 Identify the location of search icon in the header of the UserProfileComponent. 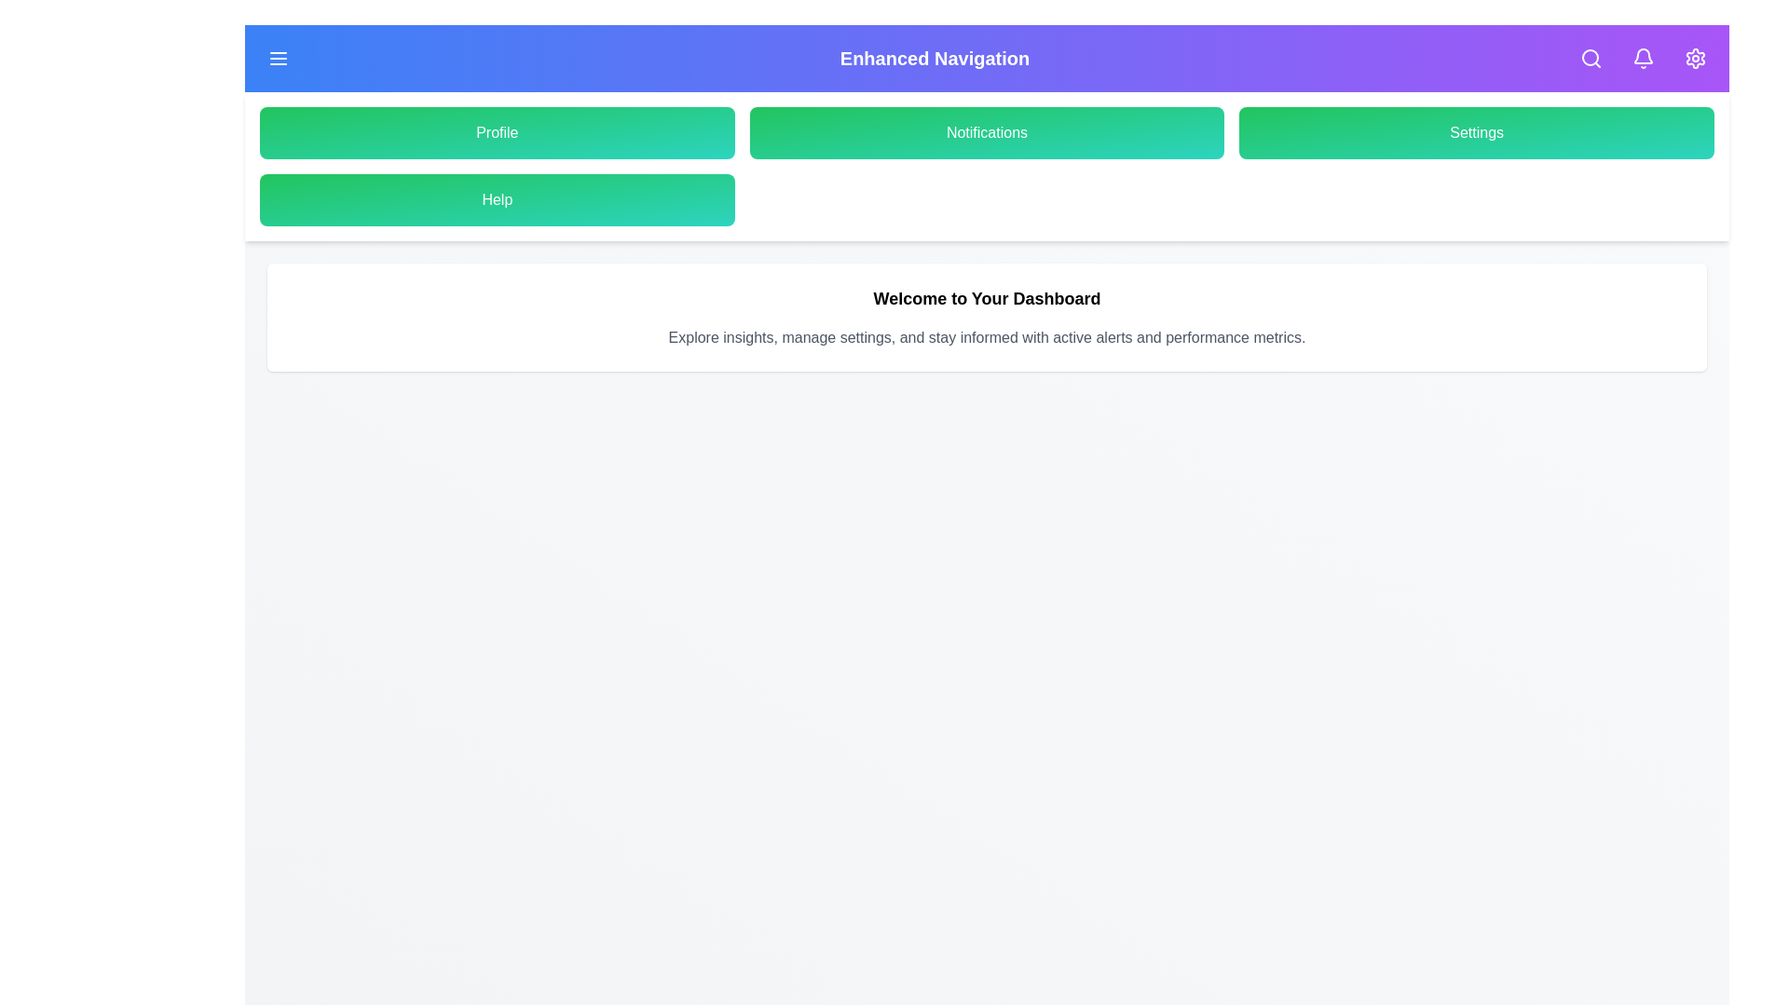
(1591, 57).